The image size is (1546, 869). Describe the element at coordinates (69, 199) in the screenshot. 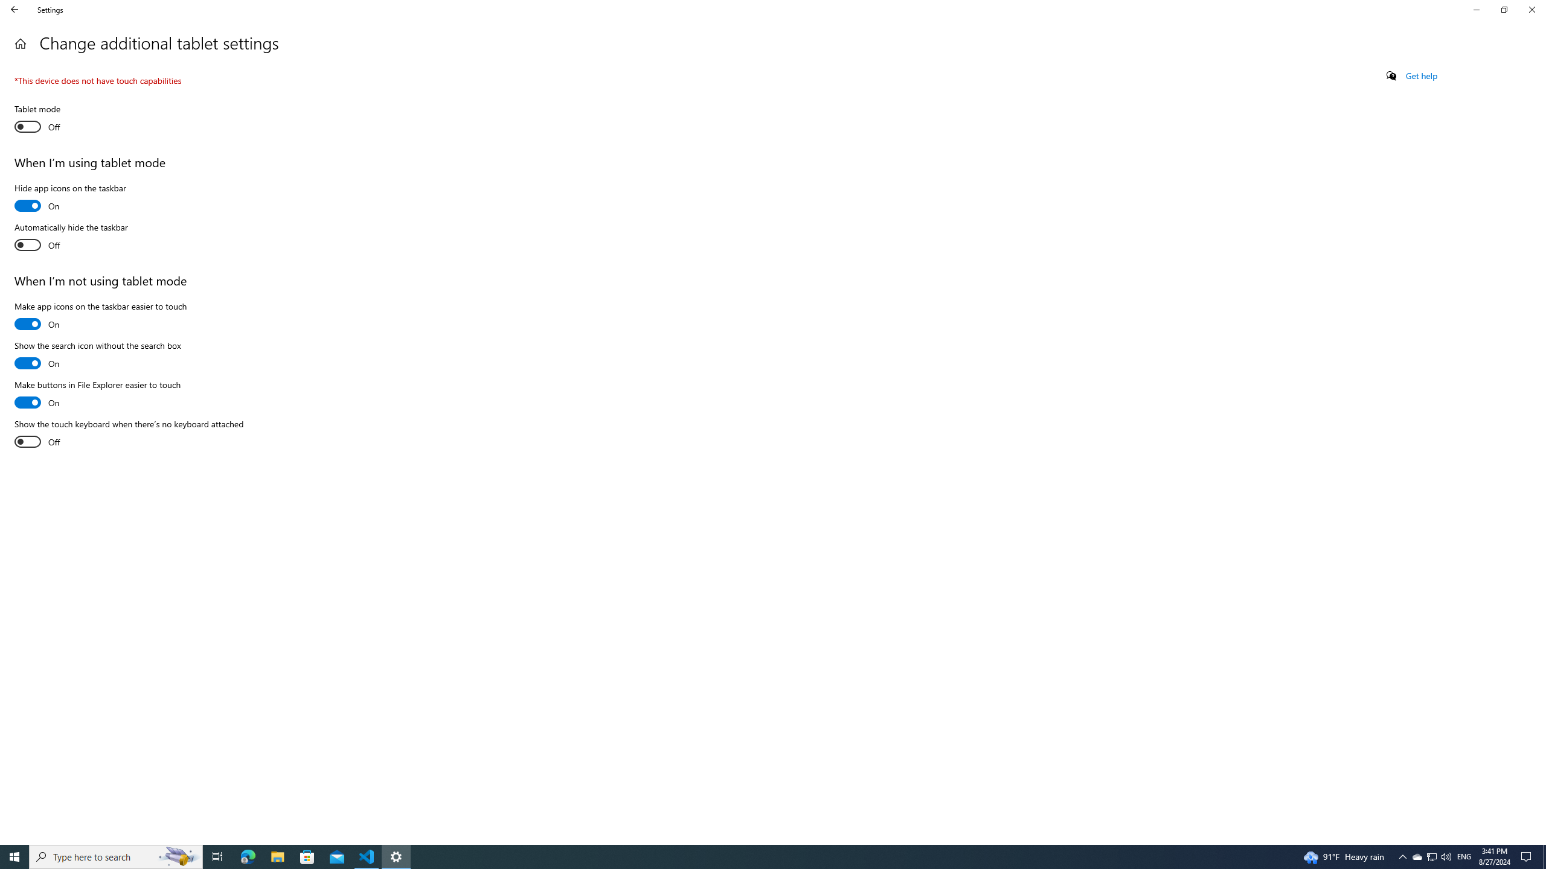

I see `'Hide app icons on the taskbar'` at that location.